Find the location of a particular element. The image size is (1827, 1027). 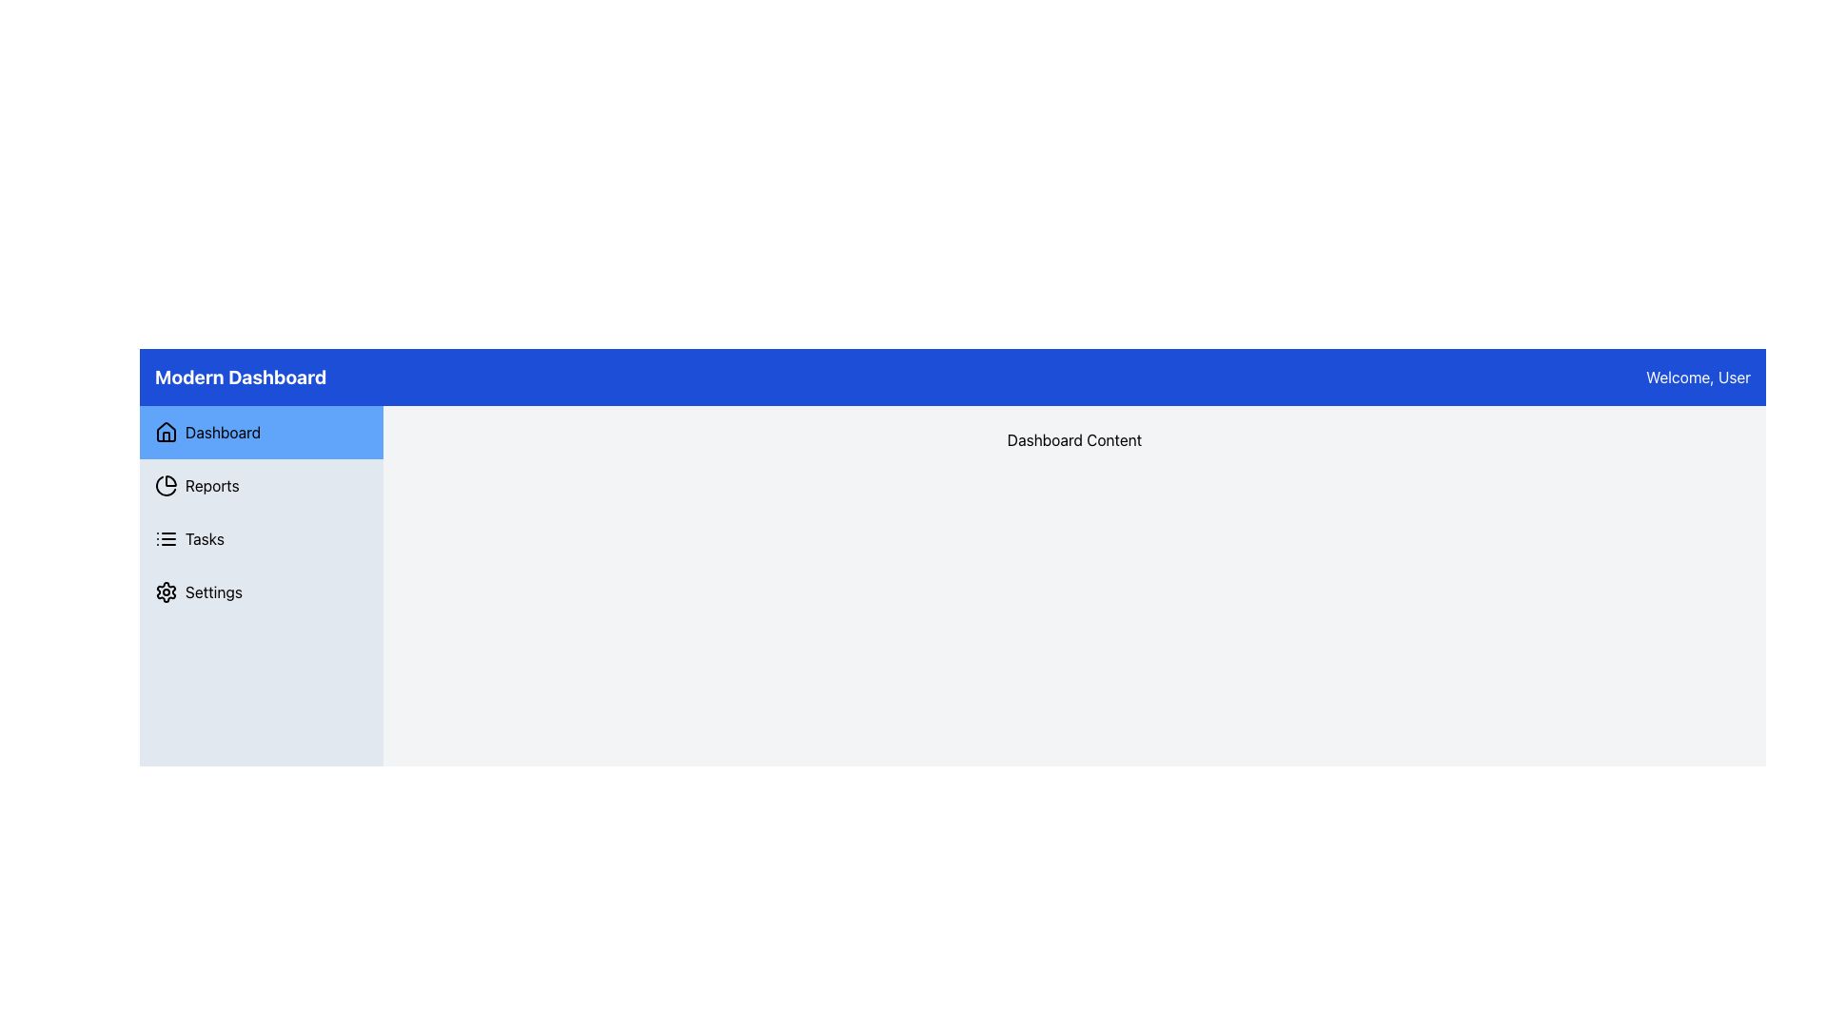

the 'Reports' text label in the sidebar menu is located at coordinates (212, 484).